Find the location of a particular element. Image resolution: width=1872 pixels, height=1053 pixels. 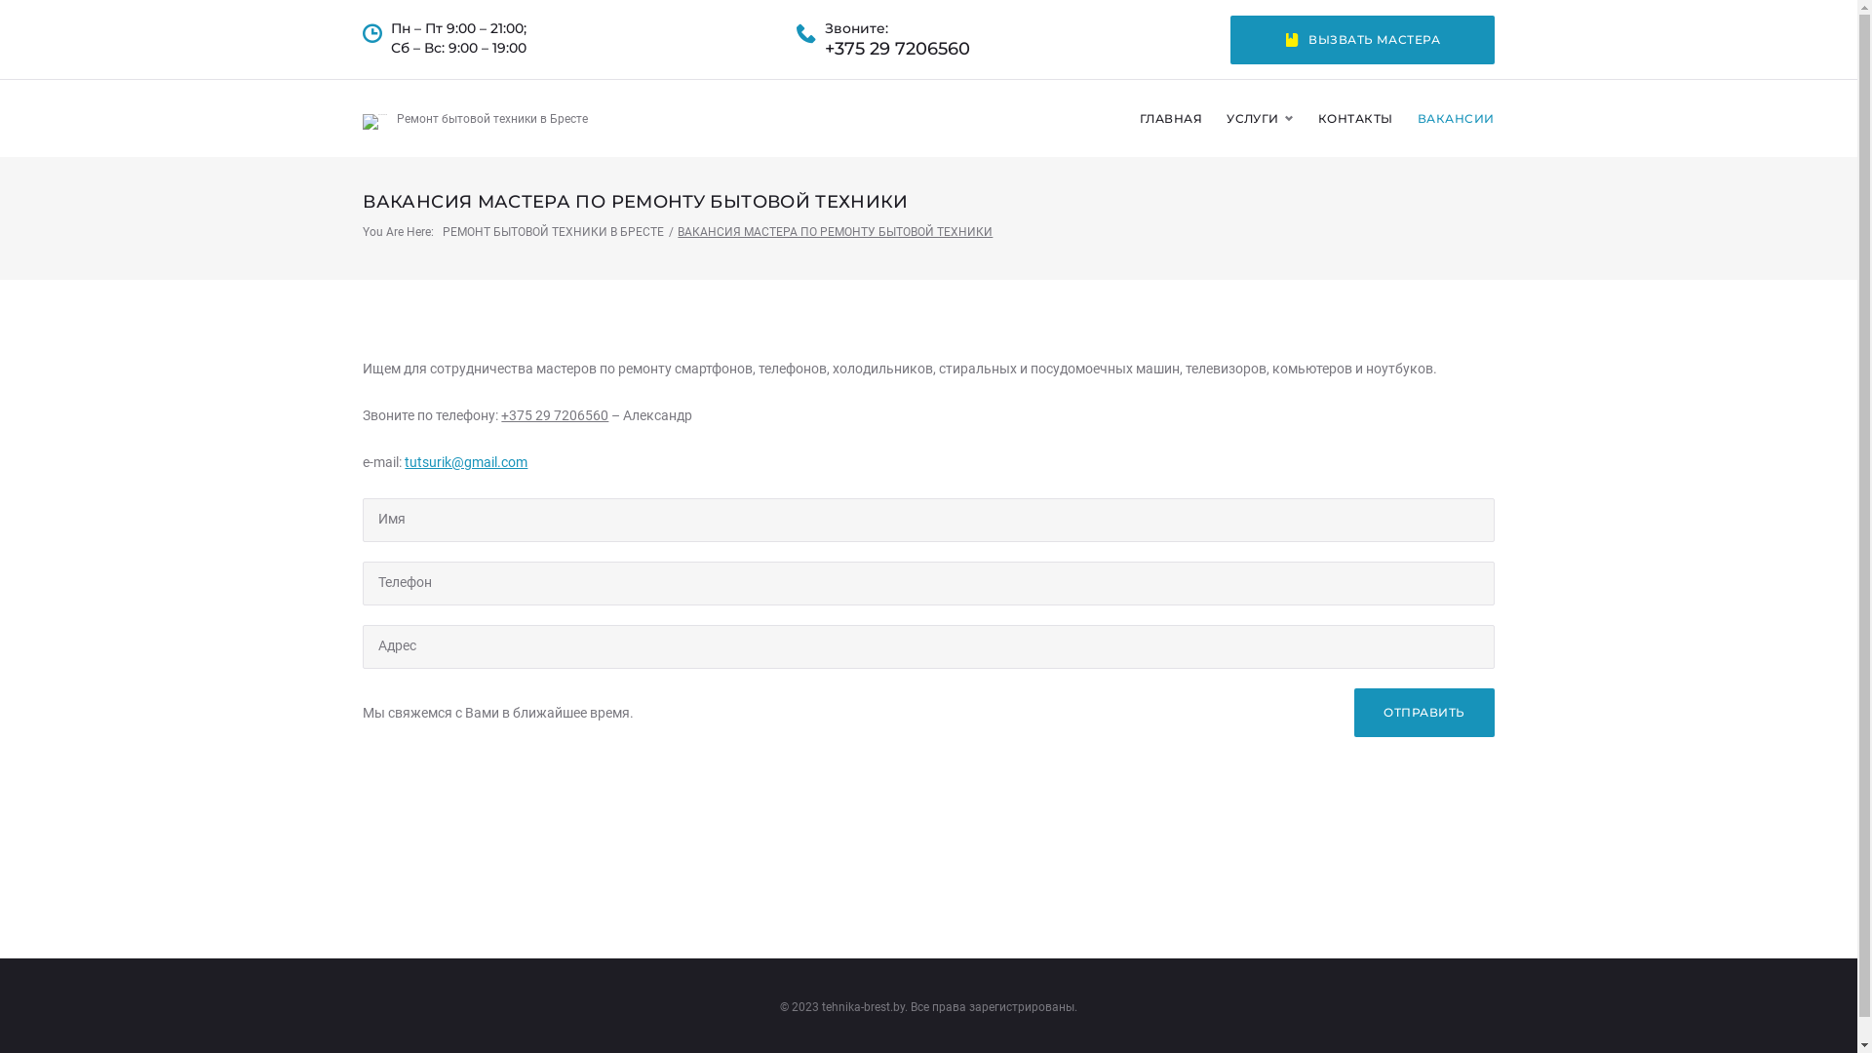

'+375 29 7206560' is located at coordinates (896, 48).